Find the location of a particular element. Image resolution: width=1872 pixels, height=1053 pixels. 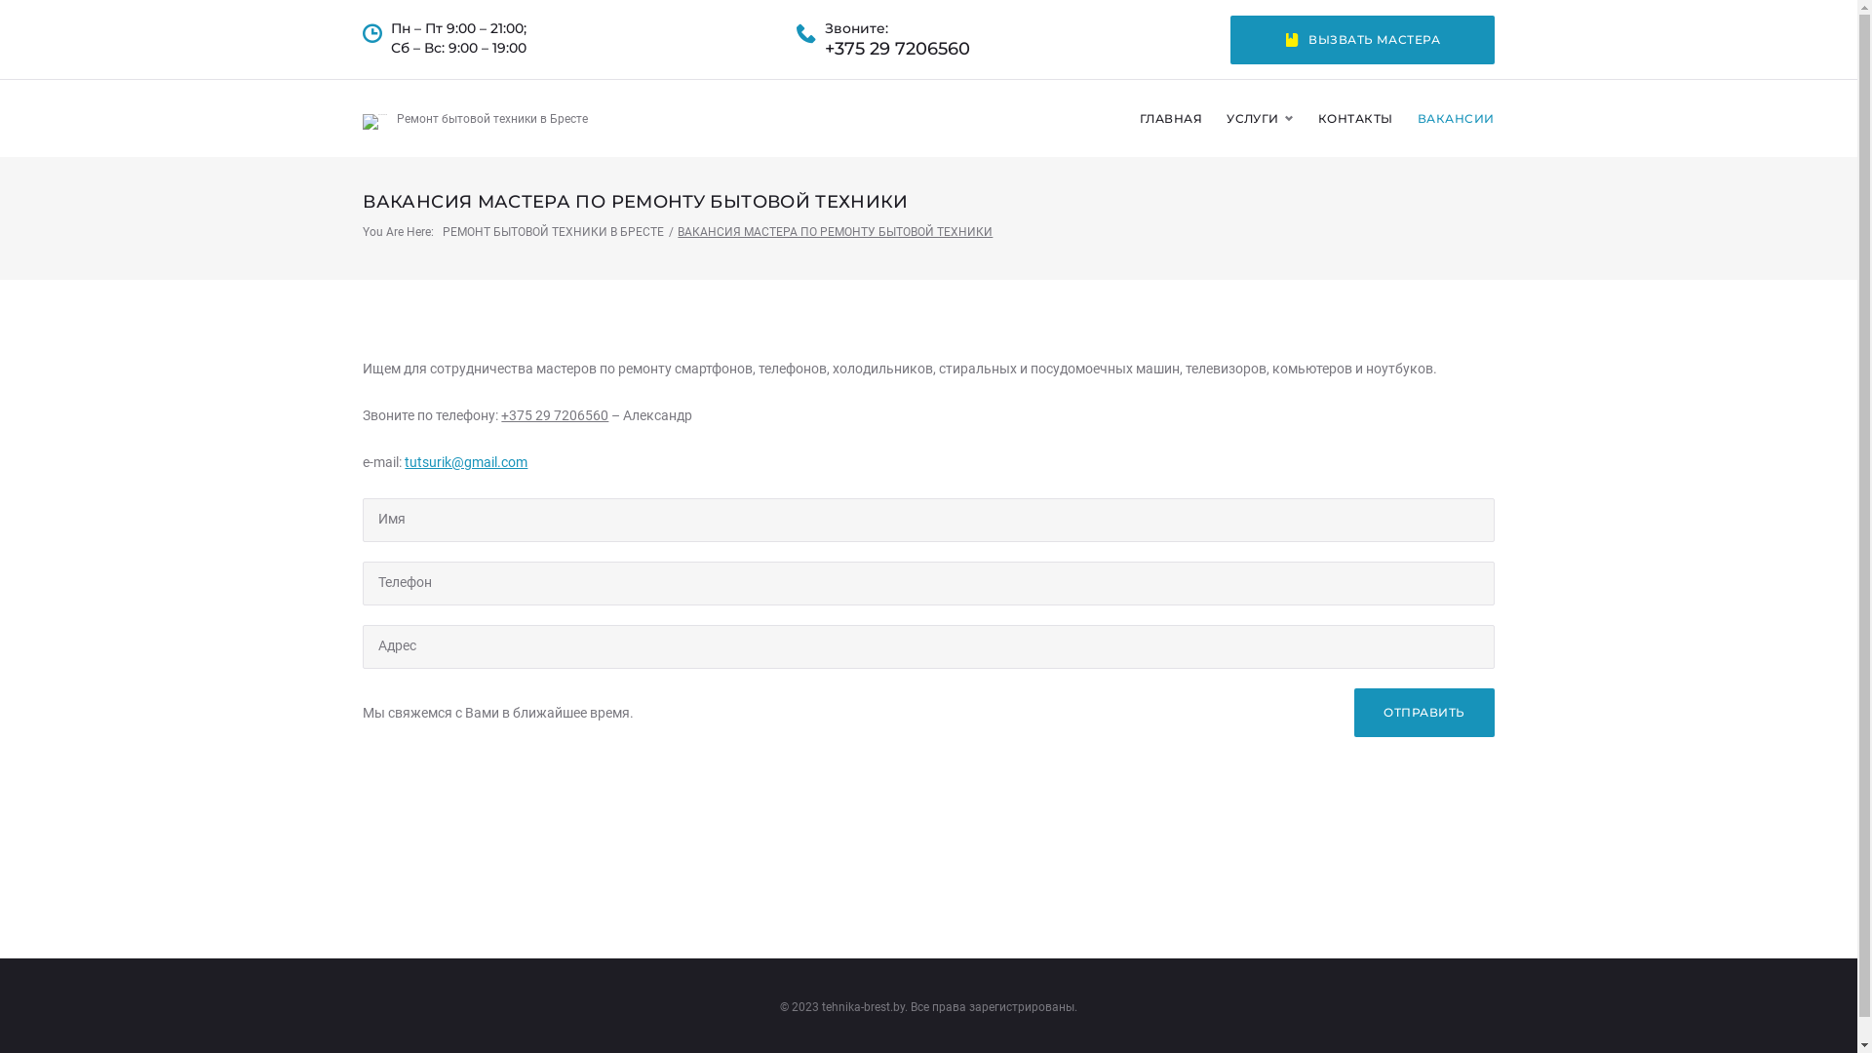

'+375 29 7206560' is located at coordinates (896, 48).